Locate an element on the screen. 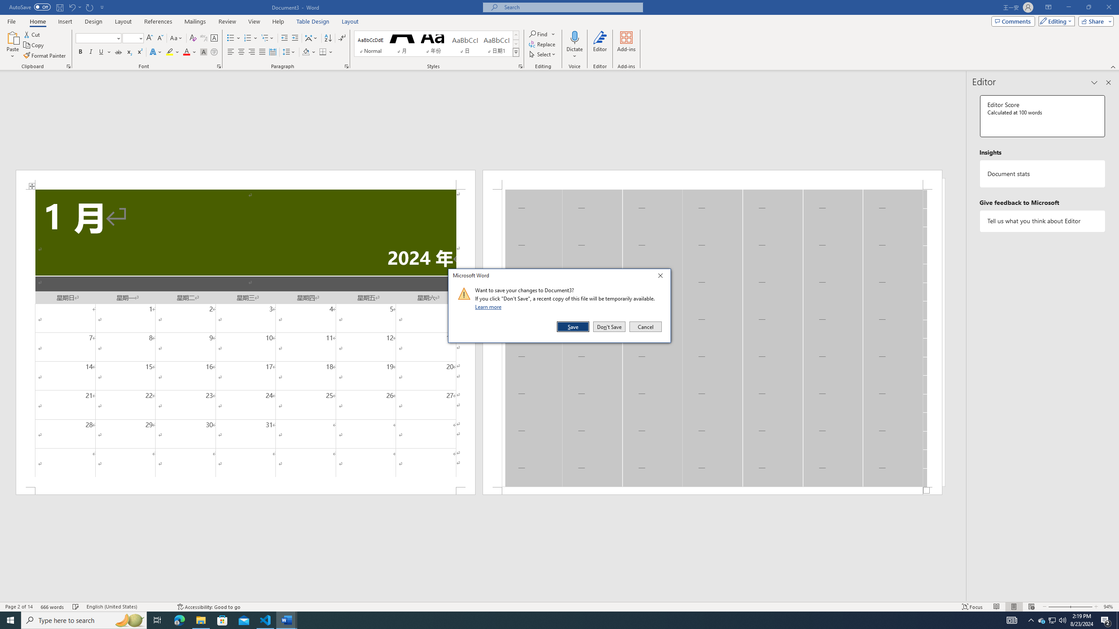 This screenshot has height=629, width=1119. 'Learn more' is located at coordinates (490, 306).